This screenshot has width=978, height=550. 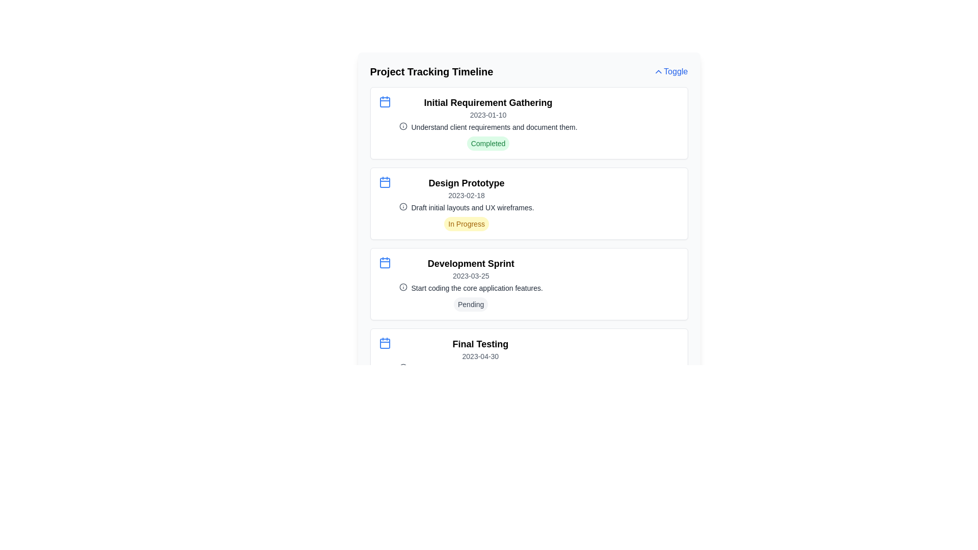 I want to click on details of the task titled 'Design Prototype' located in the Task information block, which includes the date '2023-02-18', a brief description, and a status indicator 'In Progress', so click(x=466, y=204).